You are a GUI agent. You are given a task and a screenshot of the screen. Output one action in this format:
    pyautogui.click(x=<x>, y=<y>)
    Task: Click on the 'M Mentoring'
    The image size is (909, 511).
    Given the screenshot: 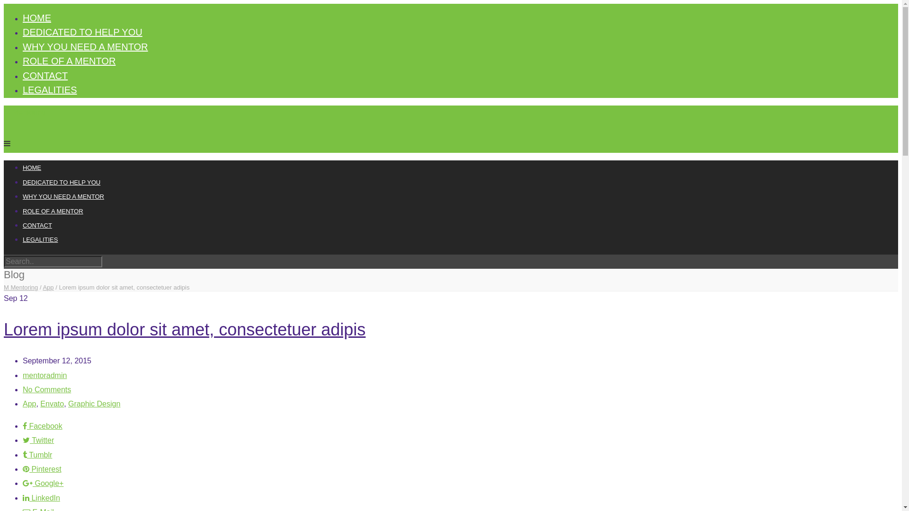 What is the action you would take?
    pyautogui.click(x=25, y=112)
    